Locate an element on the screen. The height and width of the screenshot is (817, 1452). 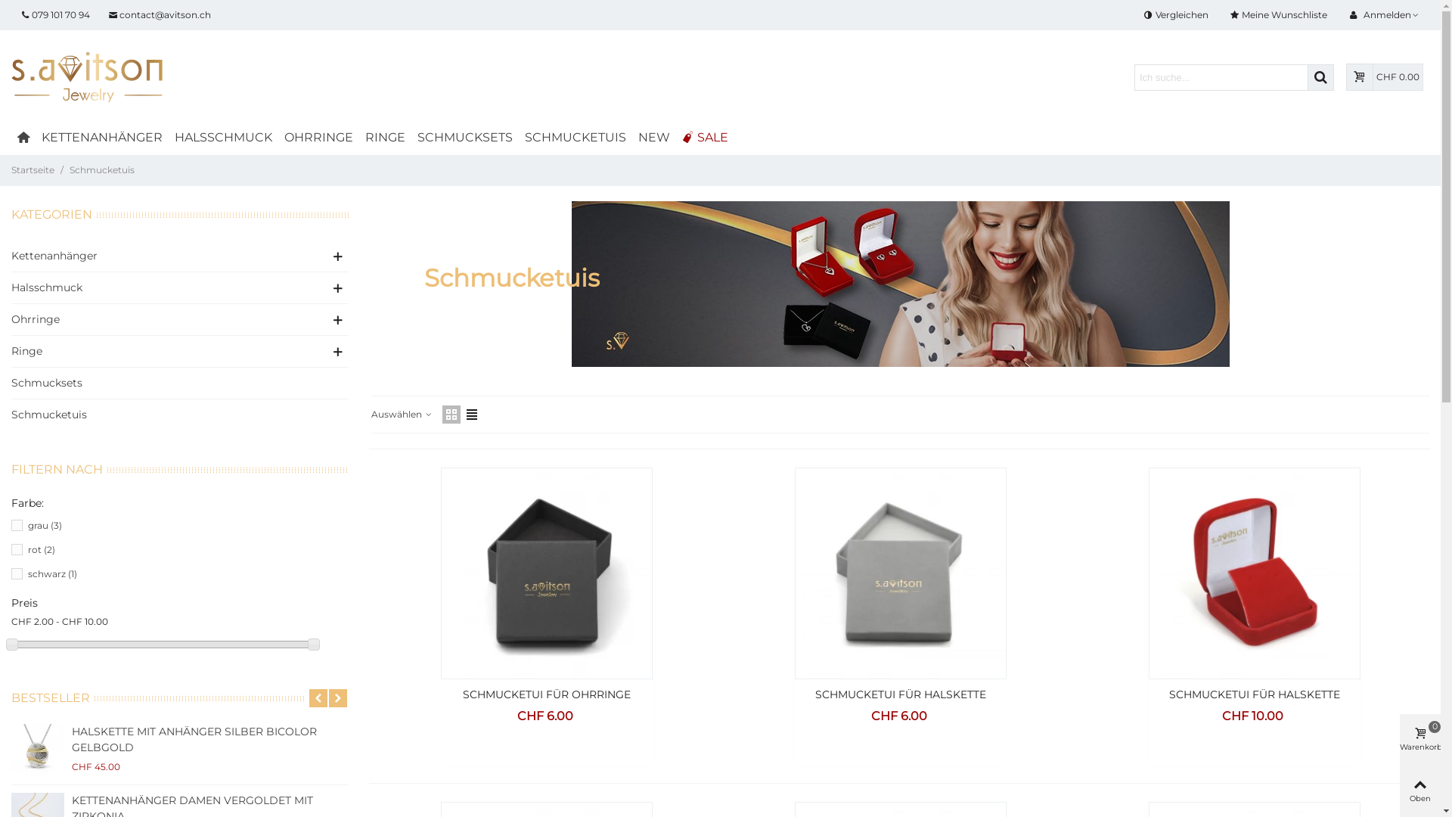
'KATEGORIEN' is located at coordinates (54, 215).